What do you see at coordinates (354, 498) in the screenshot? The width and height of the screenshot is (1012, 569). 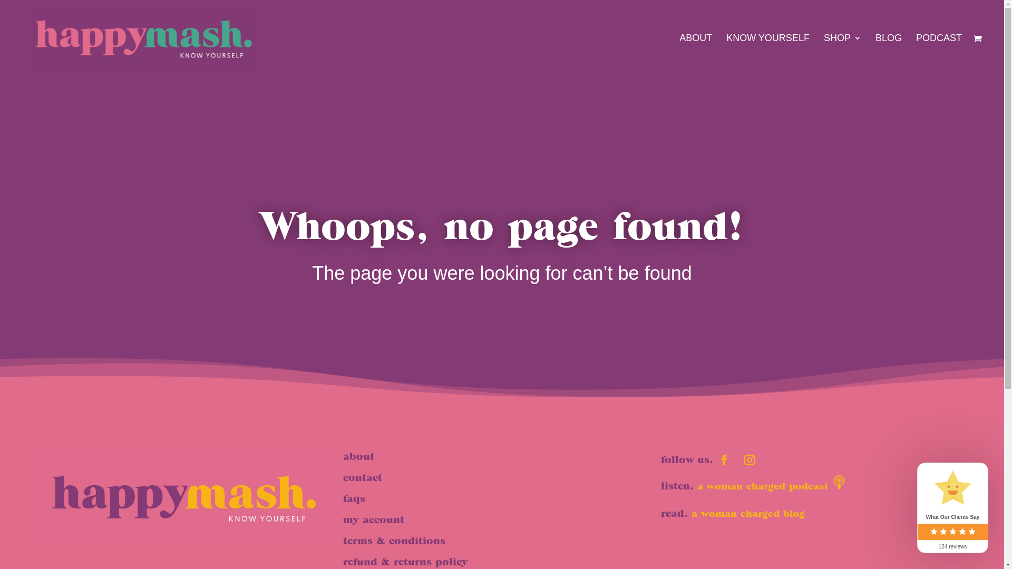 I see `'faqs'` at bounding box center [354, 498].